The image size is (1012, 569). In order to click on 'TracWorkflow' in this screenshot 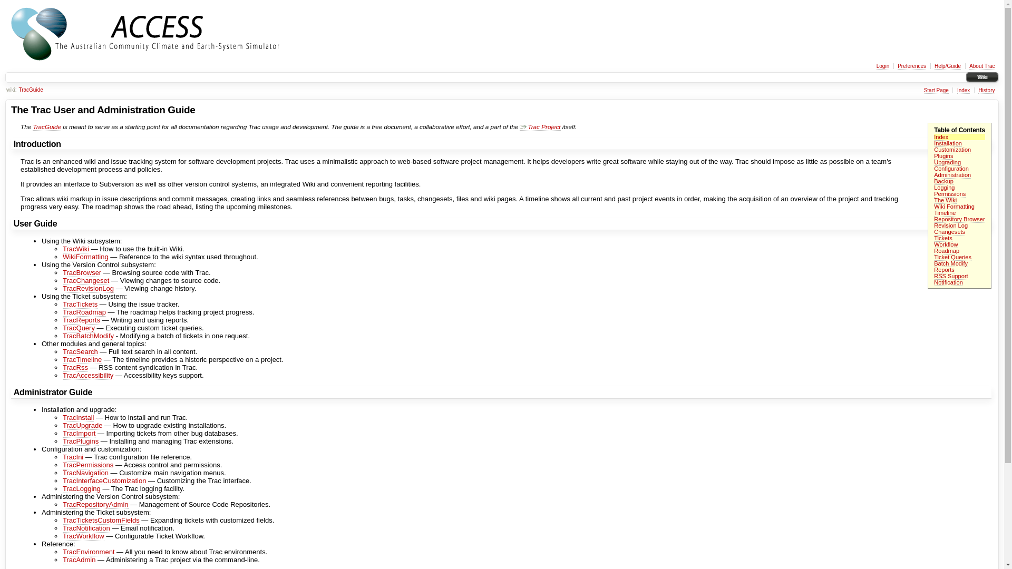, I will do `click(83, 536)`.